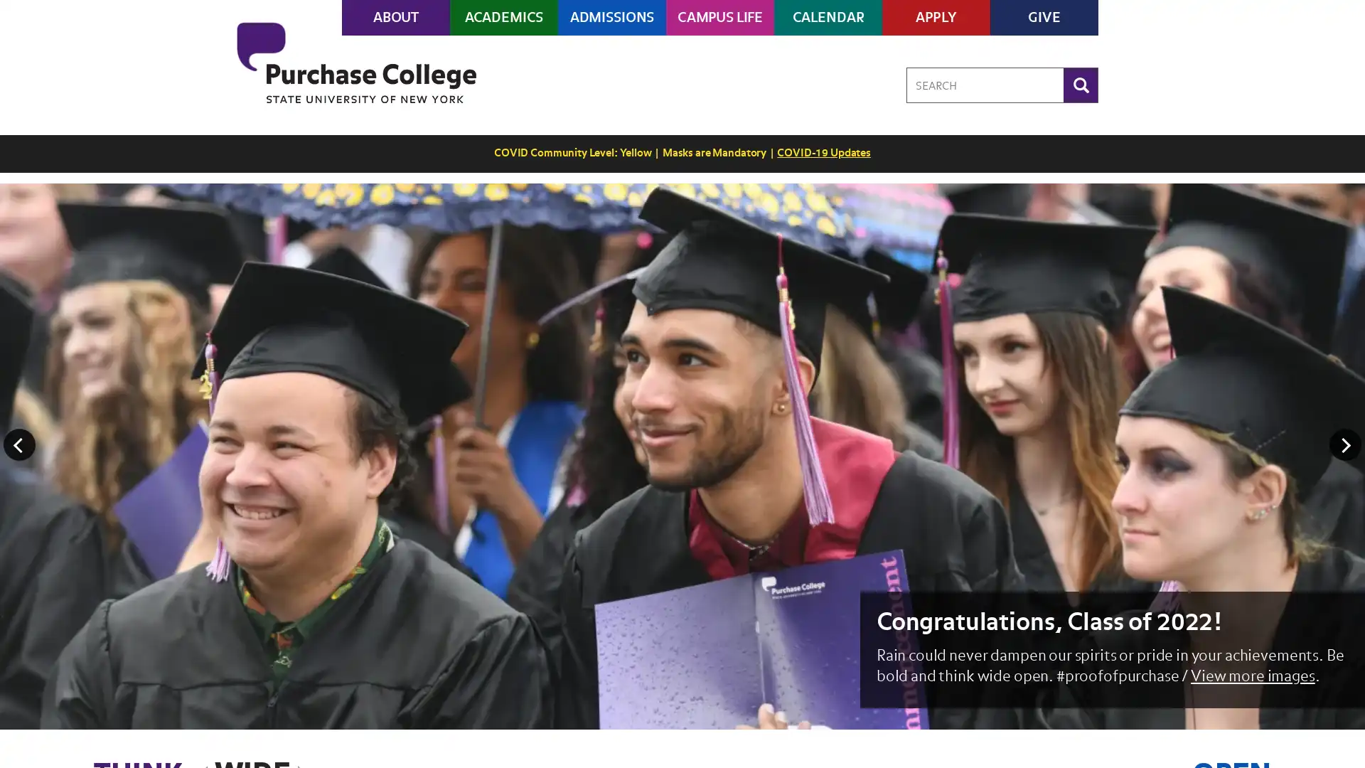 Image resolution: width=1365 pixels, height=768 pixels. What do you see at coordinates (1081, 85) in the screenshot?
I see `Search` at bounding box center [1081, 85].